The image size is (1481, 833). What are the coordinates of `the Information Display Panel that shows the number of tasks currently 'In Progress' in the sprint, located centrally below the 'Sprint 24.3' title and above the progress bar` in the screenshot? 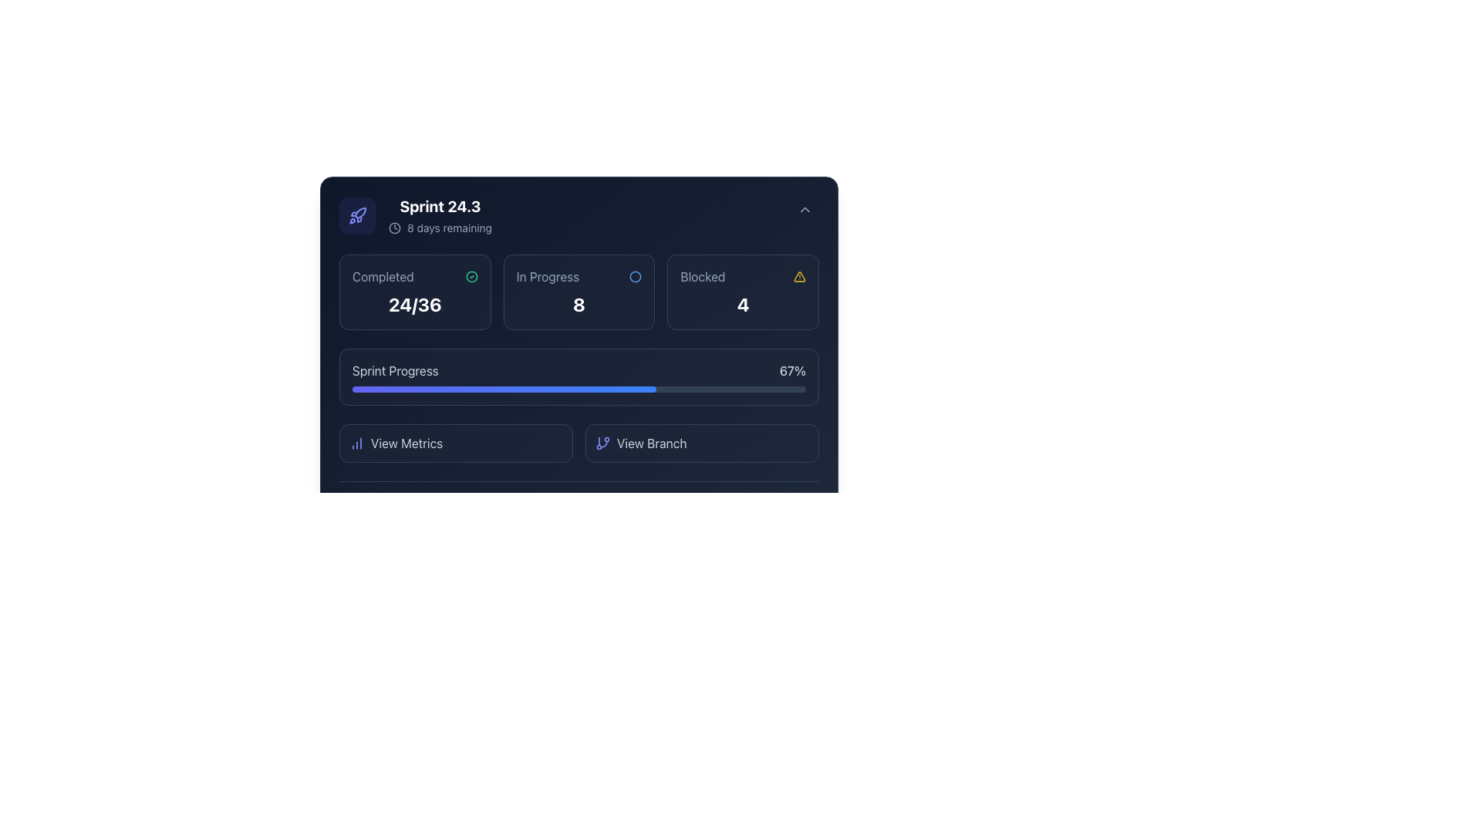 It's located at (633, 324).